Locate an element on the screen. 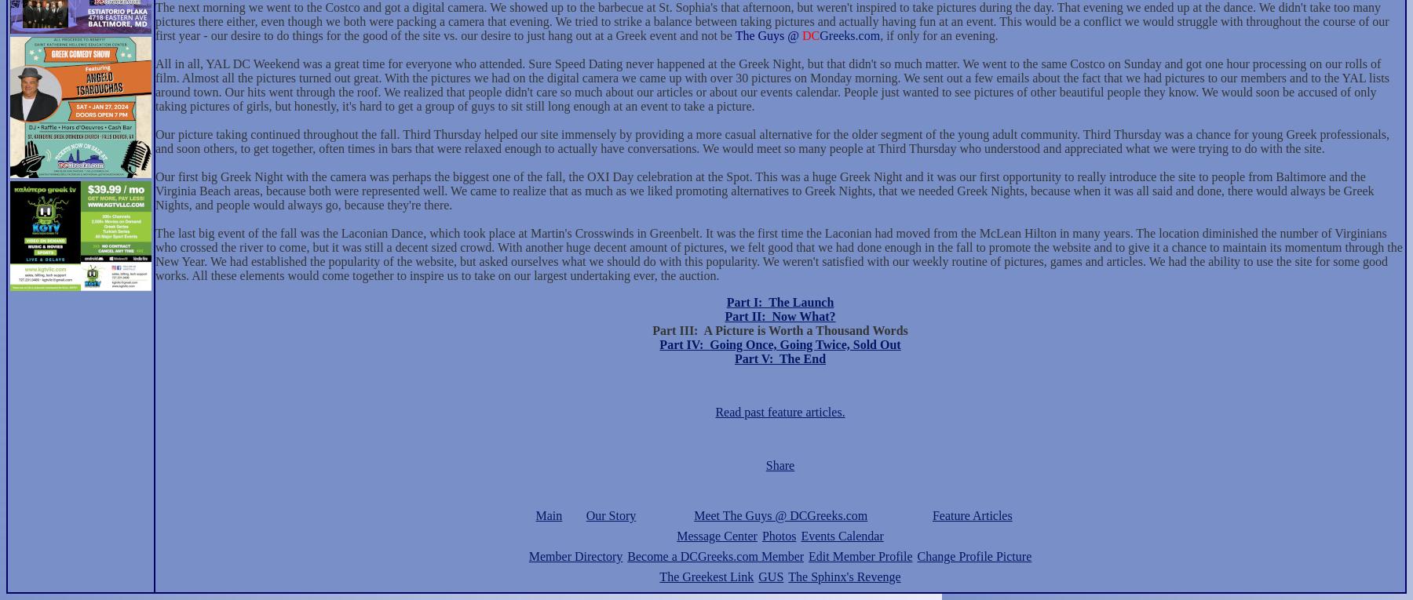 The width and height of the screenshot is (1413, 600). 'Part
III:  A Picture is Worth a Thousand Words' is located at coordinates (779, 330).